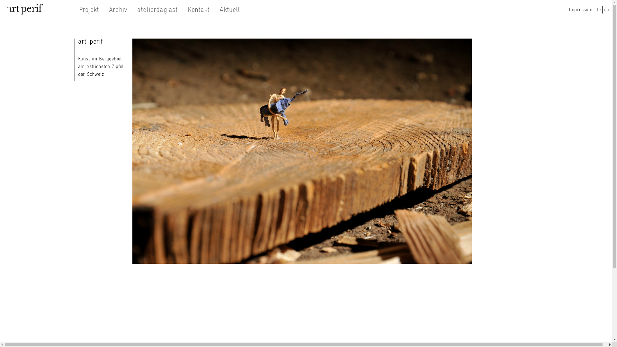  What do you see at coordinates (219, 9) in the screenshot?
I see `'Aktuell'` at bounding box center [219, 9].